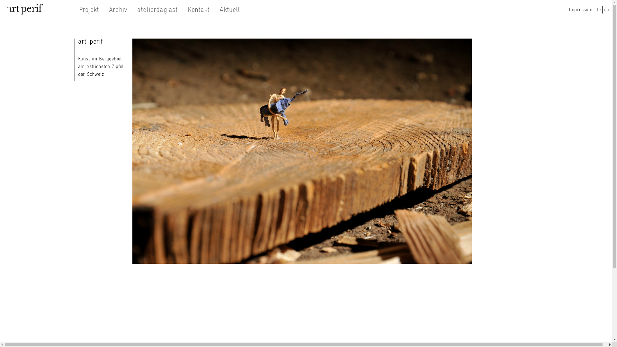  What do you see at coordinates (219, 9) in the screenshot?
I see `'Aktuell'` at bounding box center [219, 9].